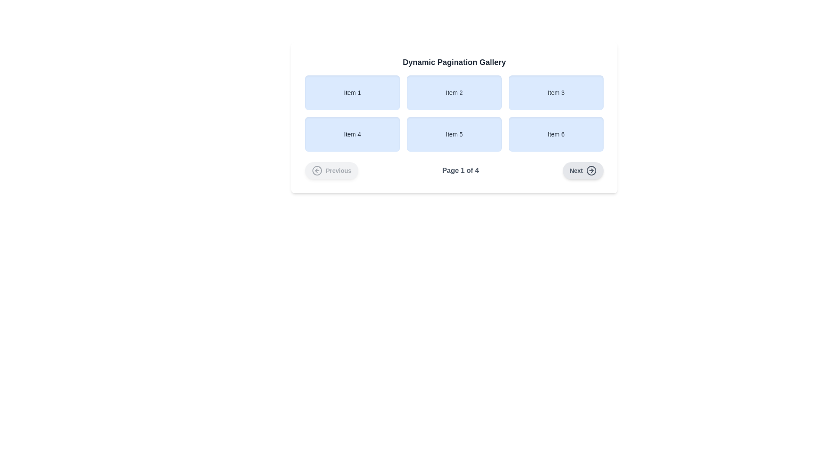 The height and width of the screenshot is (468, 832). Describe the element at coordinates (316, 170) in the screenshot. I see `the 'Previous' button icon, which is a visual indicator for navigating to the prior set of items in the pagination control` at that location.